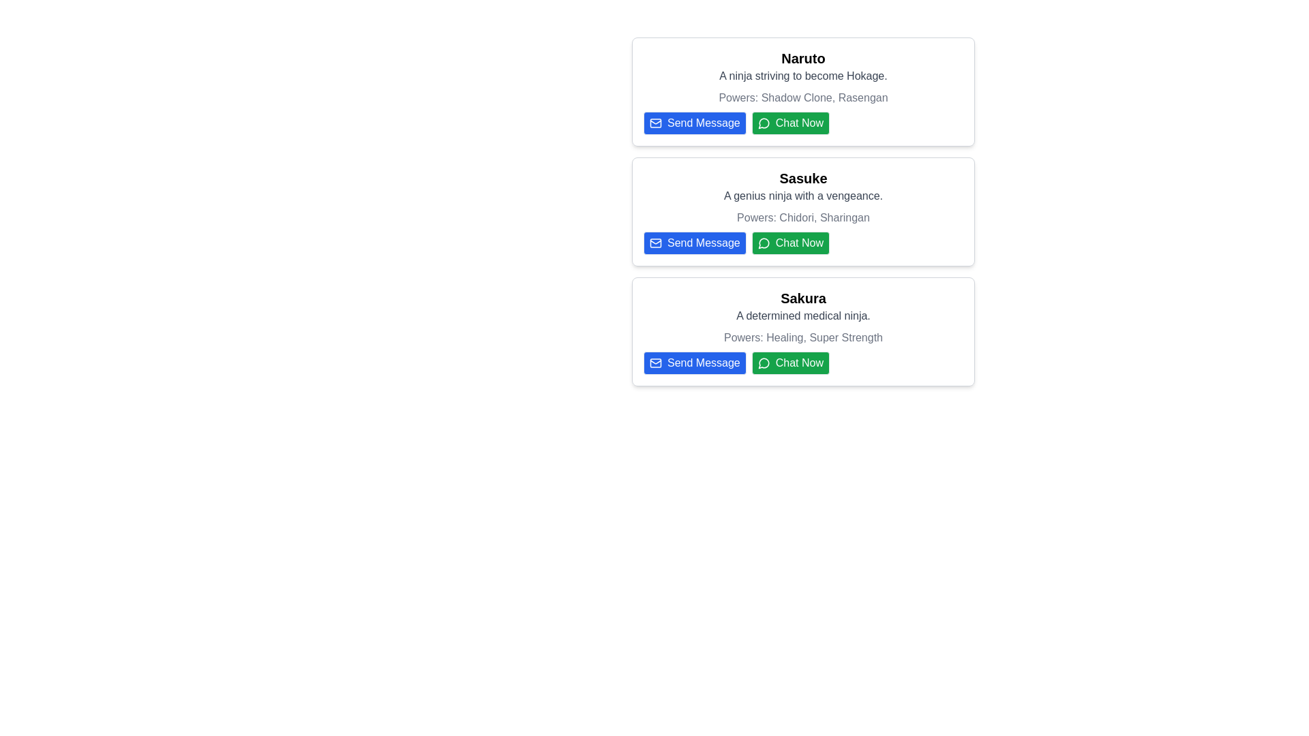 This screenshot has width=1309, height=736. Describe the element at coordinates (790, 123) in the screenshot. I see `the chat initiation button located at the right-most position in the first row of user cards` at that location.